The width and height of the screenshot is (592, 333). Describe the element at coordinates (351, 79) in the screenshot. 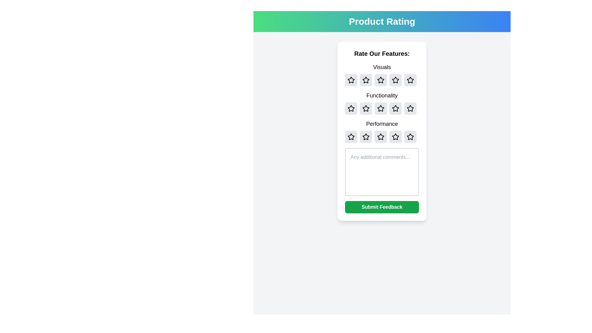

I see `the first star in the 'Visuals' rating section to provide a rating` at that location.